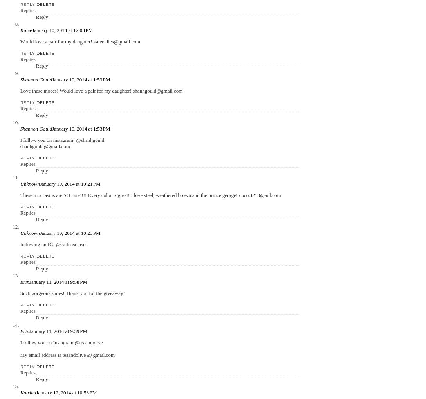 This screenshot has height=399, width=426. Describe the element at coordinates (58, 331) in the screenshot. I see `'January 11, 2014 at 9:59 PM'` at that location.